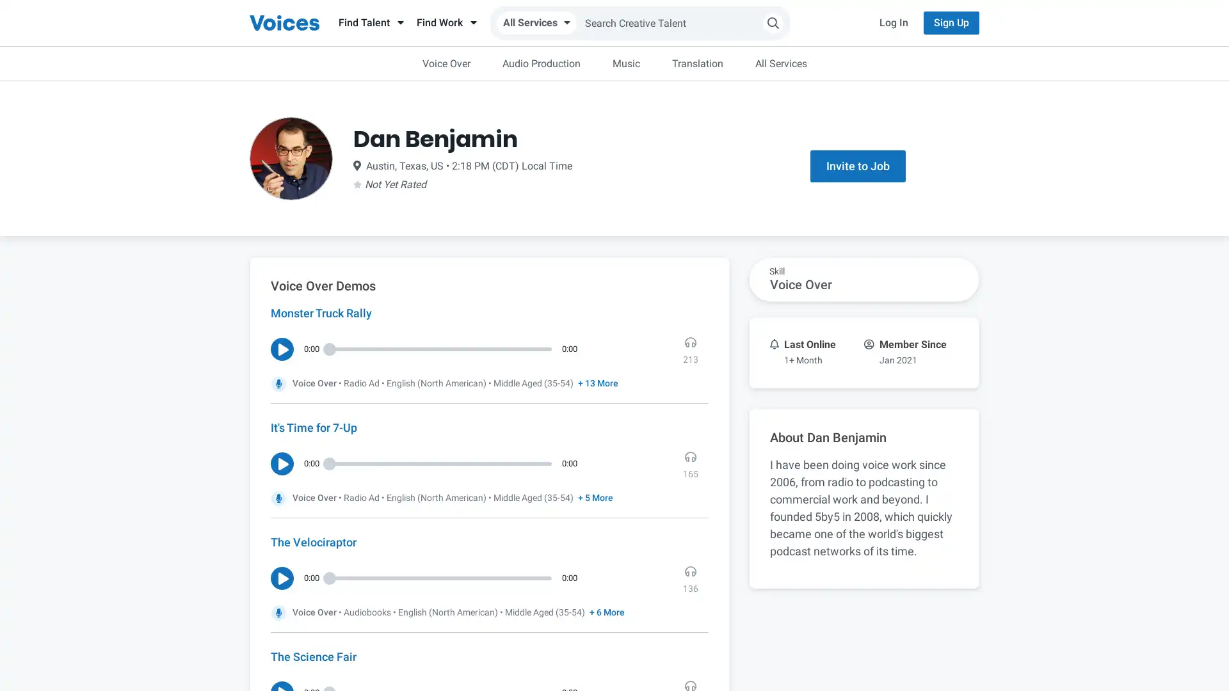  Describe the element at coordinates (783, 62) in the screenshot. I see `Clear` at that location.